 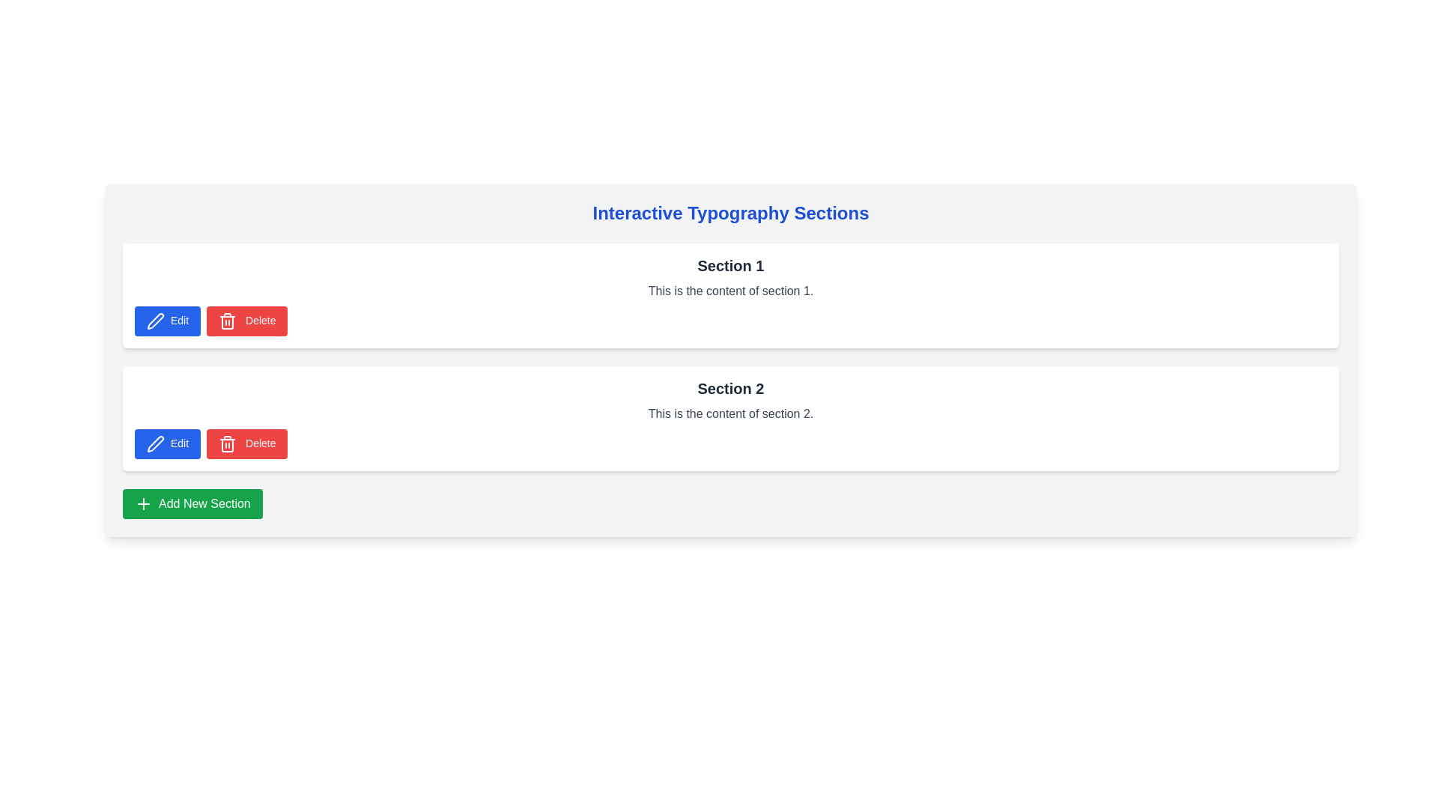 I want to click on the section header element that labels the second section, which is located below the 'Interactive Typography Sections' title and above the content of section 2, so click(x=730, y=388).